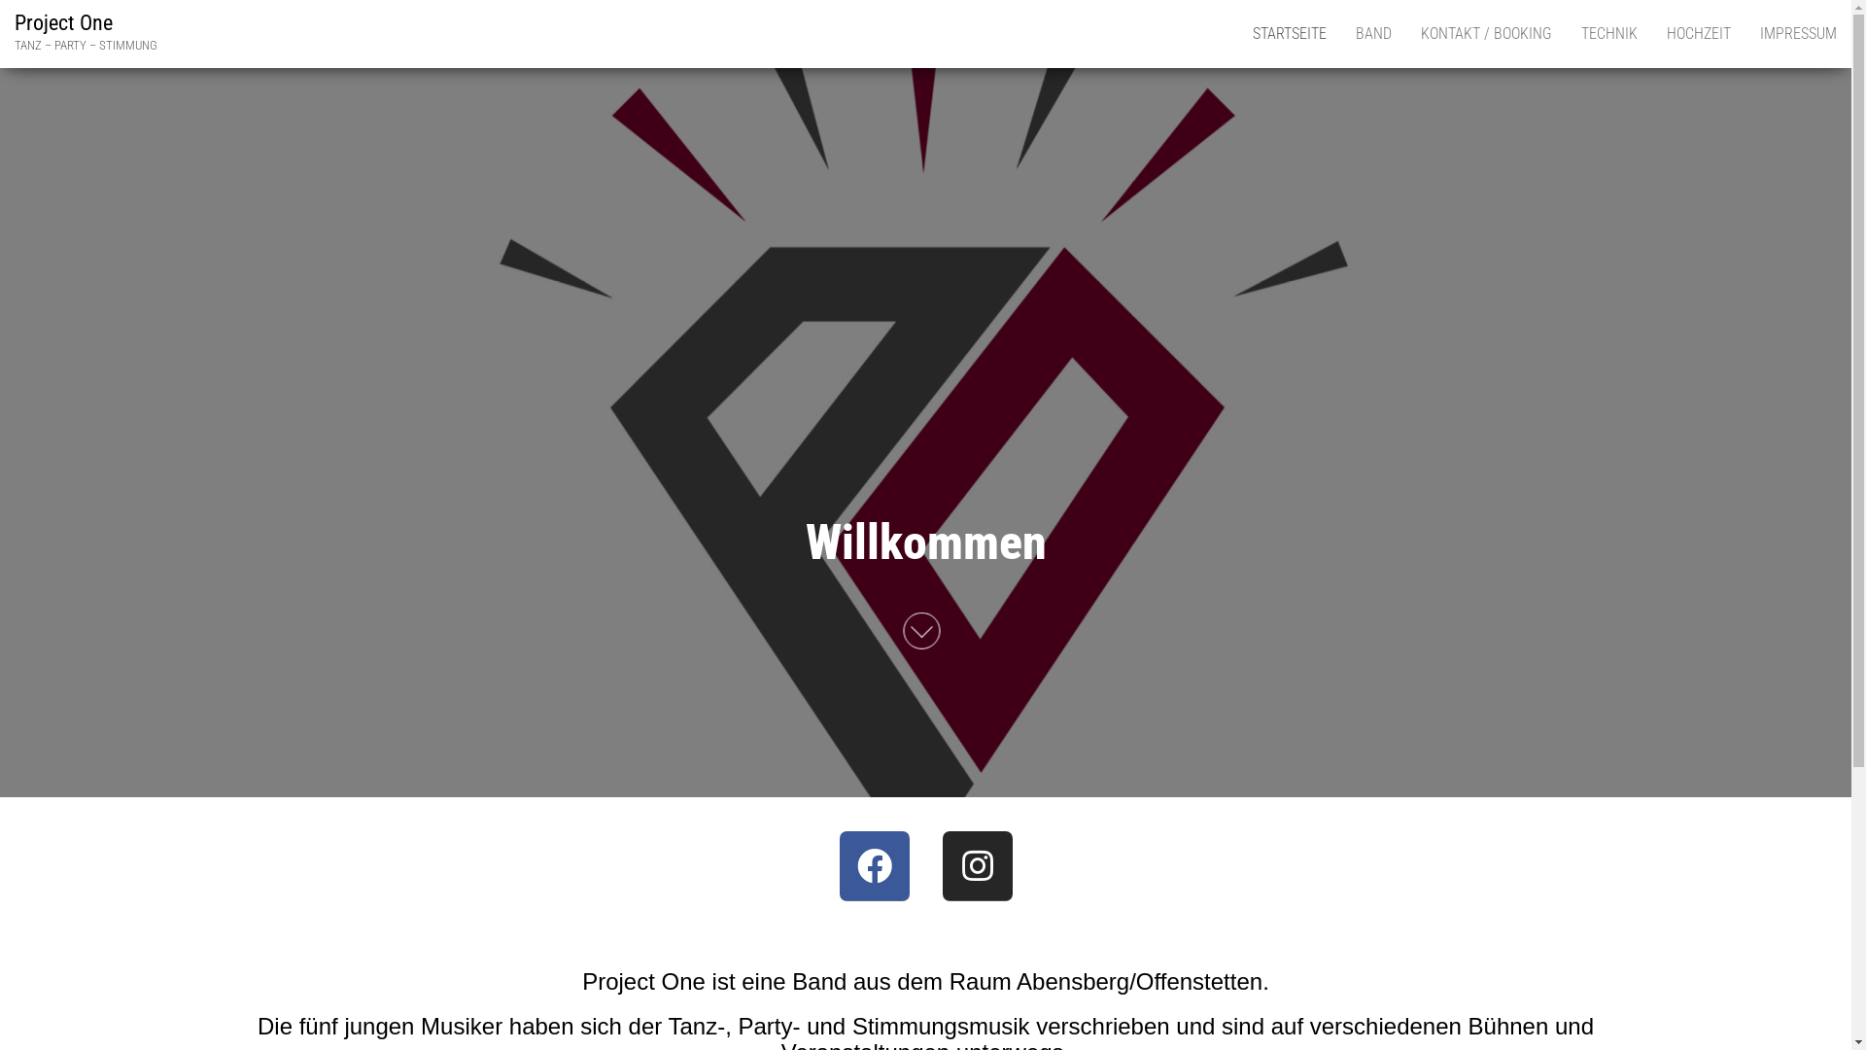  I want to click on 'IMPRESSUM', so click(1797, 33).